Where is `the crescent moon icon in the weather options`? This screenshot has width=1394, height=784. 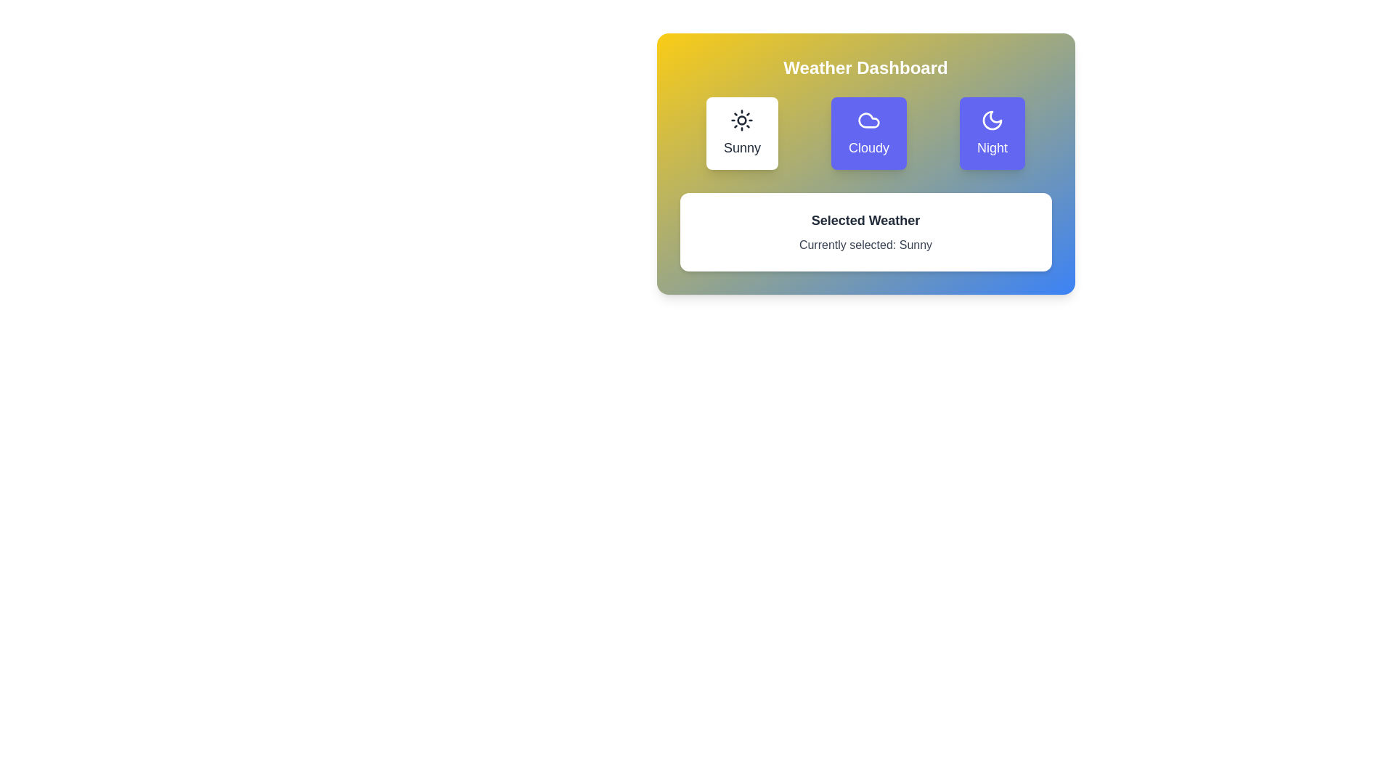 the crescent moon icon in the weather options is located at coordinates (991, 119).